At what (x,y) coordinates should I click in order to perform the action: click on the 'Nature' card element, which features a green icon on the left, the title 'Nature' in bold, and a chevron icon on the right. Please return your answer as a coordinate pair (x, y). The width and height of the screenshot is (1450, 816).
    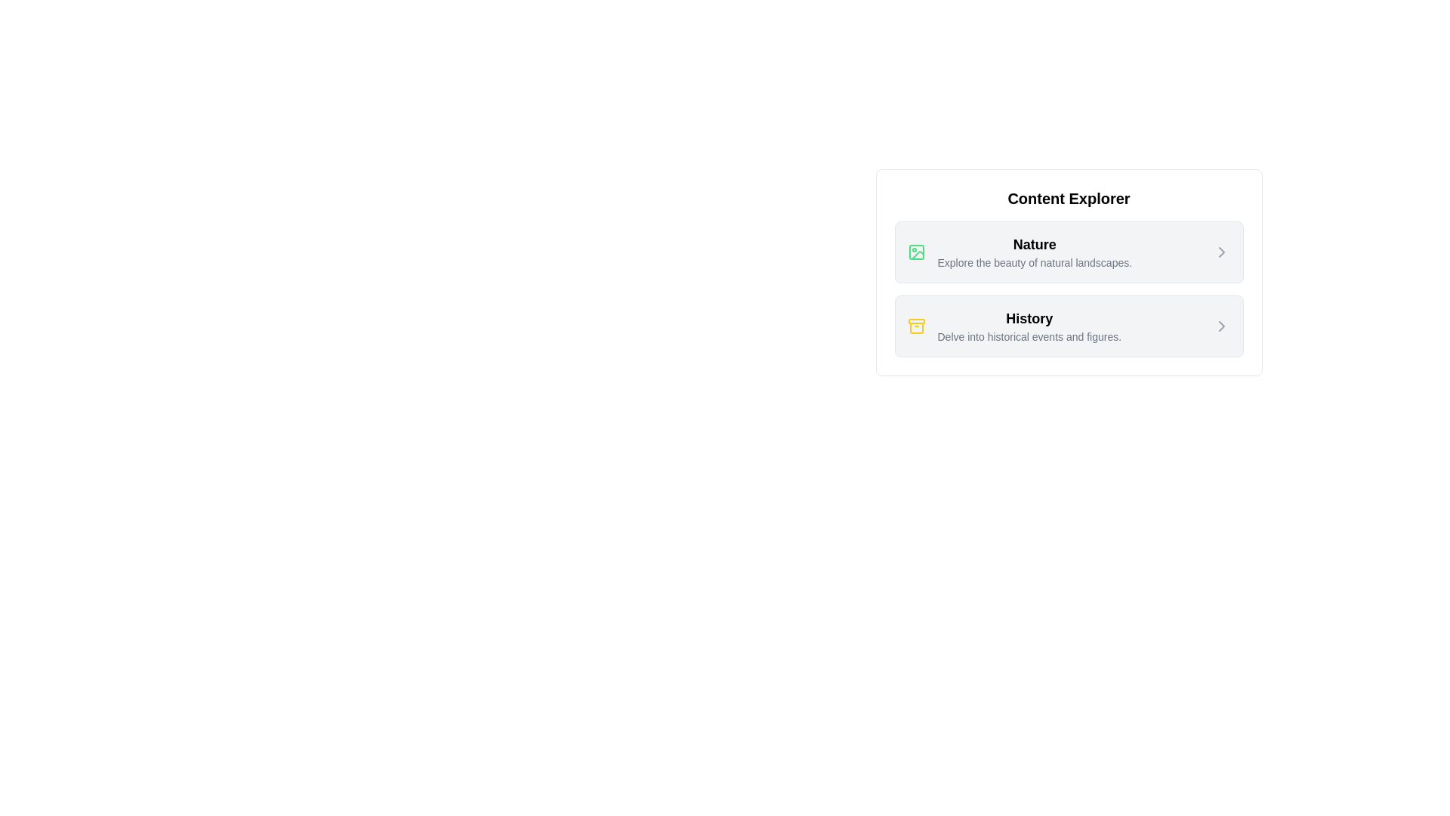
    Looking at the image, I should click on (1068, 252).